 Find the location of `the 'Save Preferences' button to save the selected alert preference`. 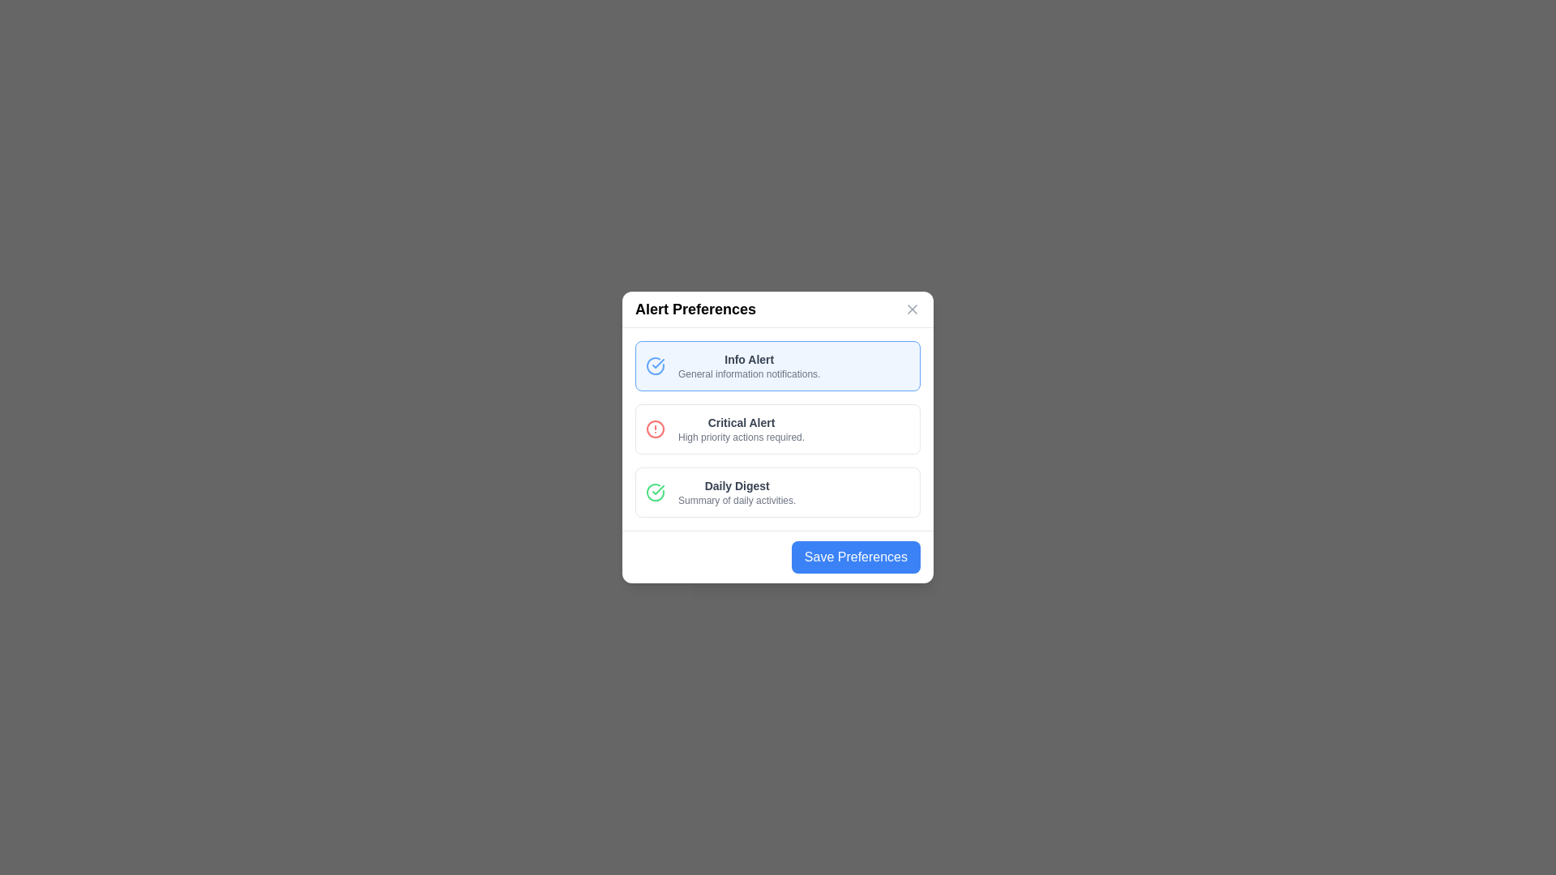

the 'Save Preferences' button to save the selected alert preference is located at coordinates (855, 556).